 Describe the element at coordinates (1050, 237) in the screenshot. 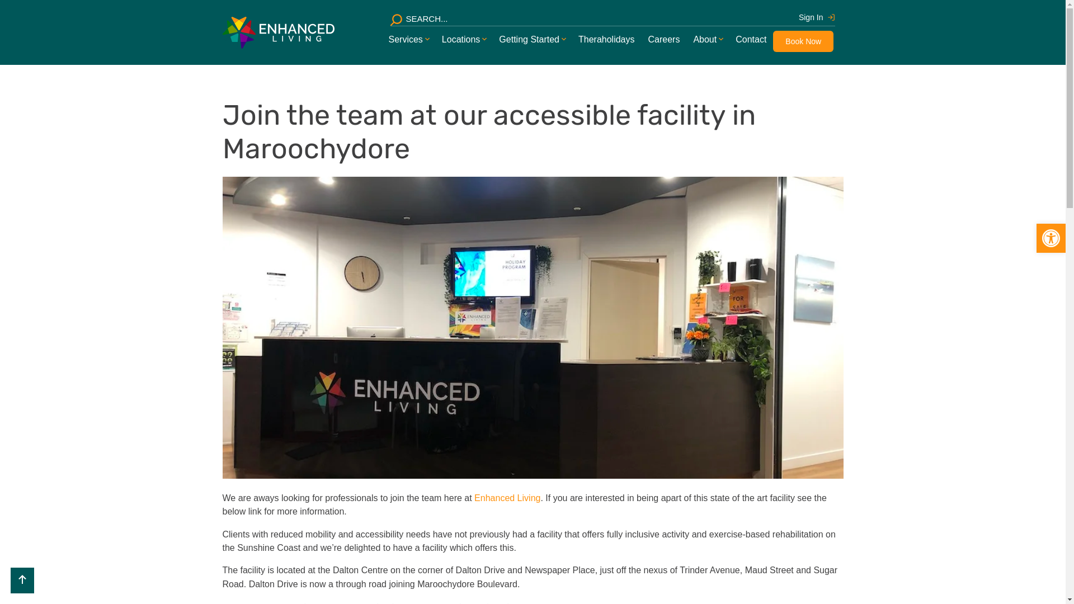

I see `'Open toolbar` at that location.